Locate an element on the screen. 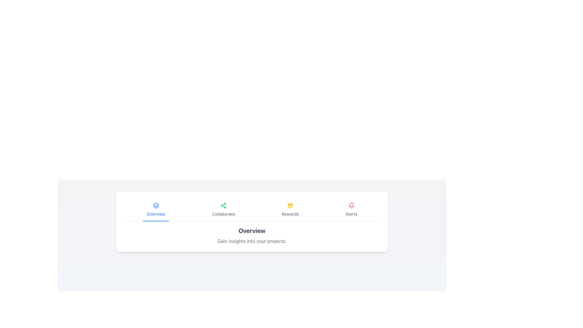 Image resolution: width=583 pixels, height=328 pixels. the 'Overview' icon located in the top-left section of the navigation bar is located at coordinates (156, 205).